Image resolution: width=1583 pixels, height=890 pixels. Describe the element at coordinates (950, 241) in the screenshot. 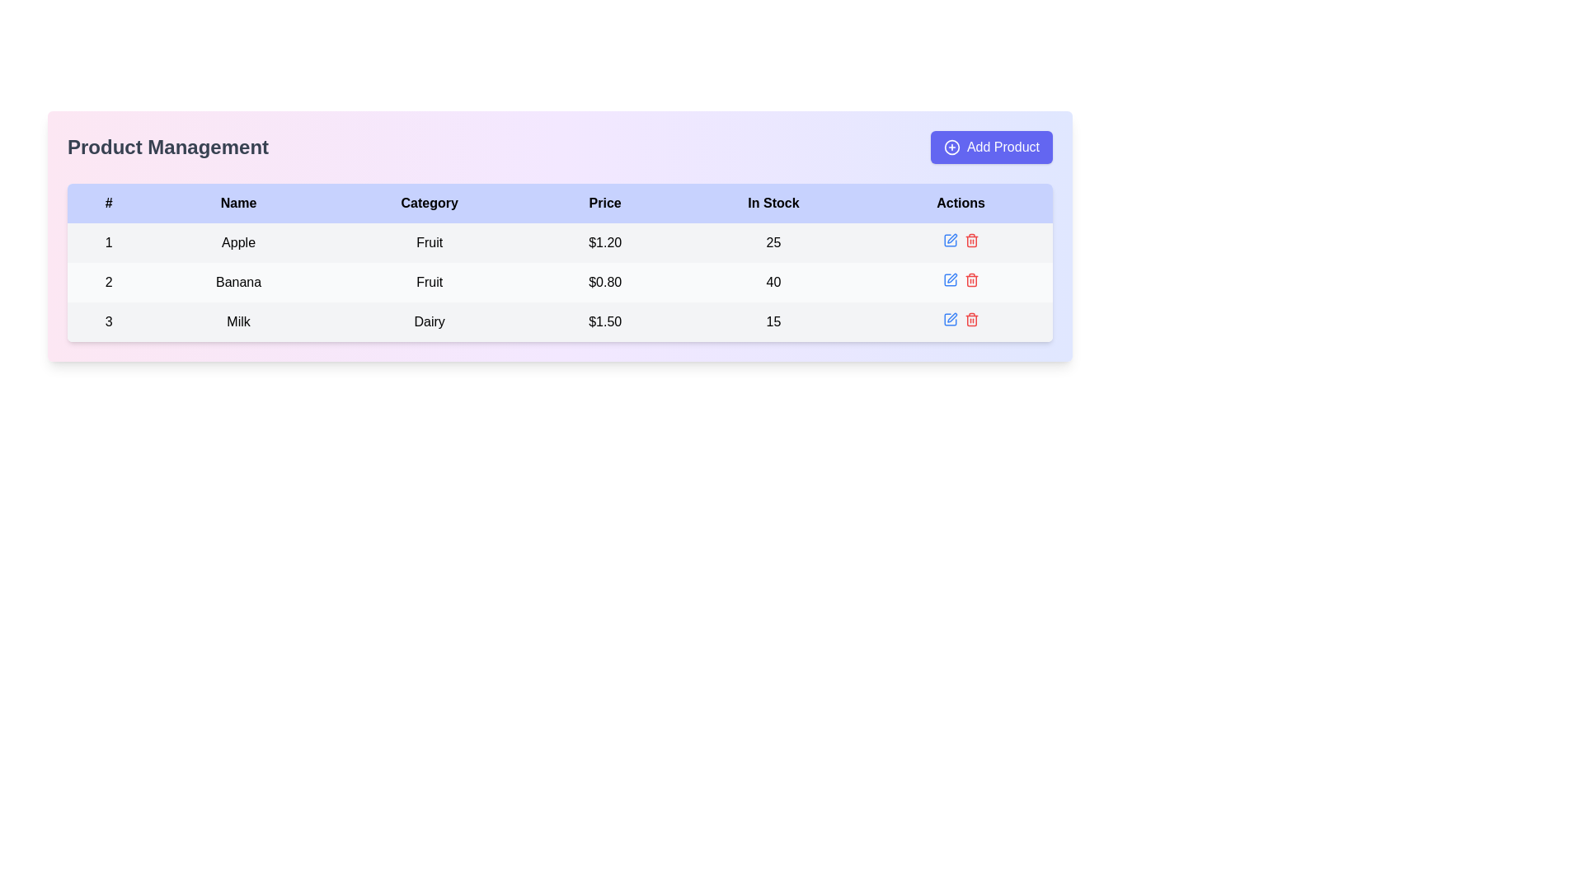

I see `the edit icon button resembling a pen in the 'Actions' column of the second row for the 'Banana' entry` at that location.